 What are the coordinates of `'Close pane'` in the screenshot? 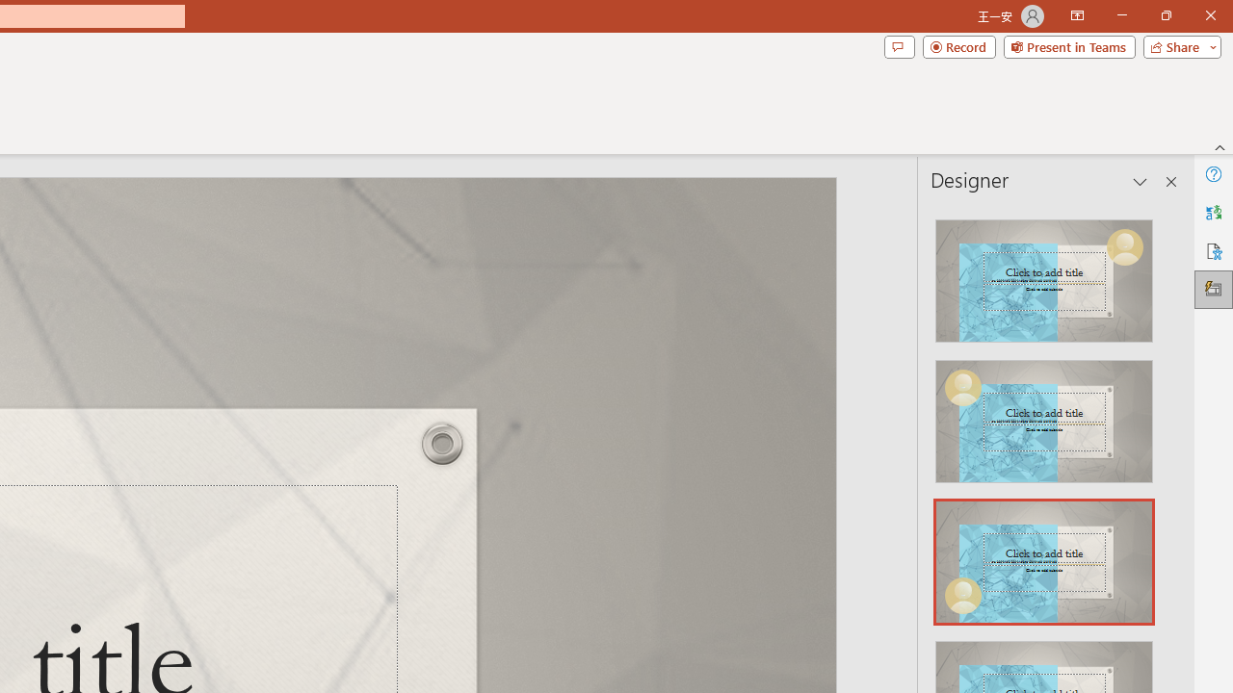 It's located at (1170, 182).